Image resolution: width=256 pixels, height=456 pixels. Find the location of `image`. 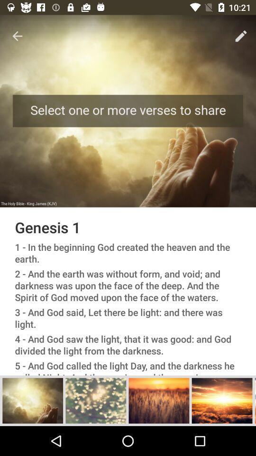

image is located at coordinates (32, 400).